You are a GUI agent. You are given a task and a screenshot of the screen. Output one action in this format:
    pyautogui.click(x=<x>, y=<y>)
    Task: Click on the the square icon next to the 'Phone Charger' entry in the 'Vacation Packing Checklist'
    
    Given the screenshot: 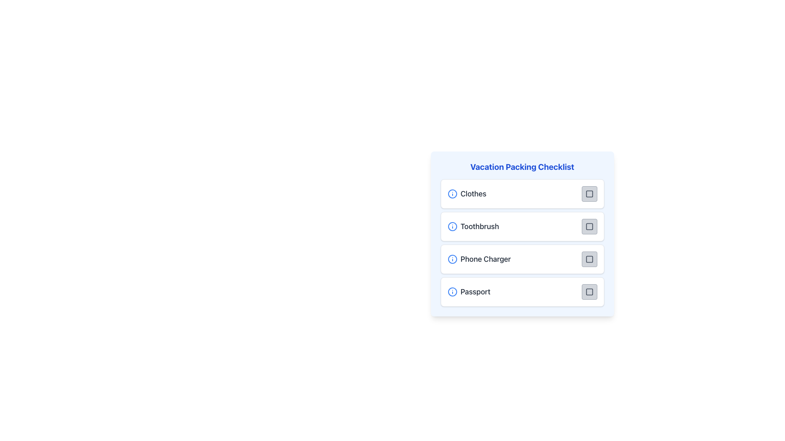 What is the action you would take?
    pyautogui.click(x=589, y=259)
    